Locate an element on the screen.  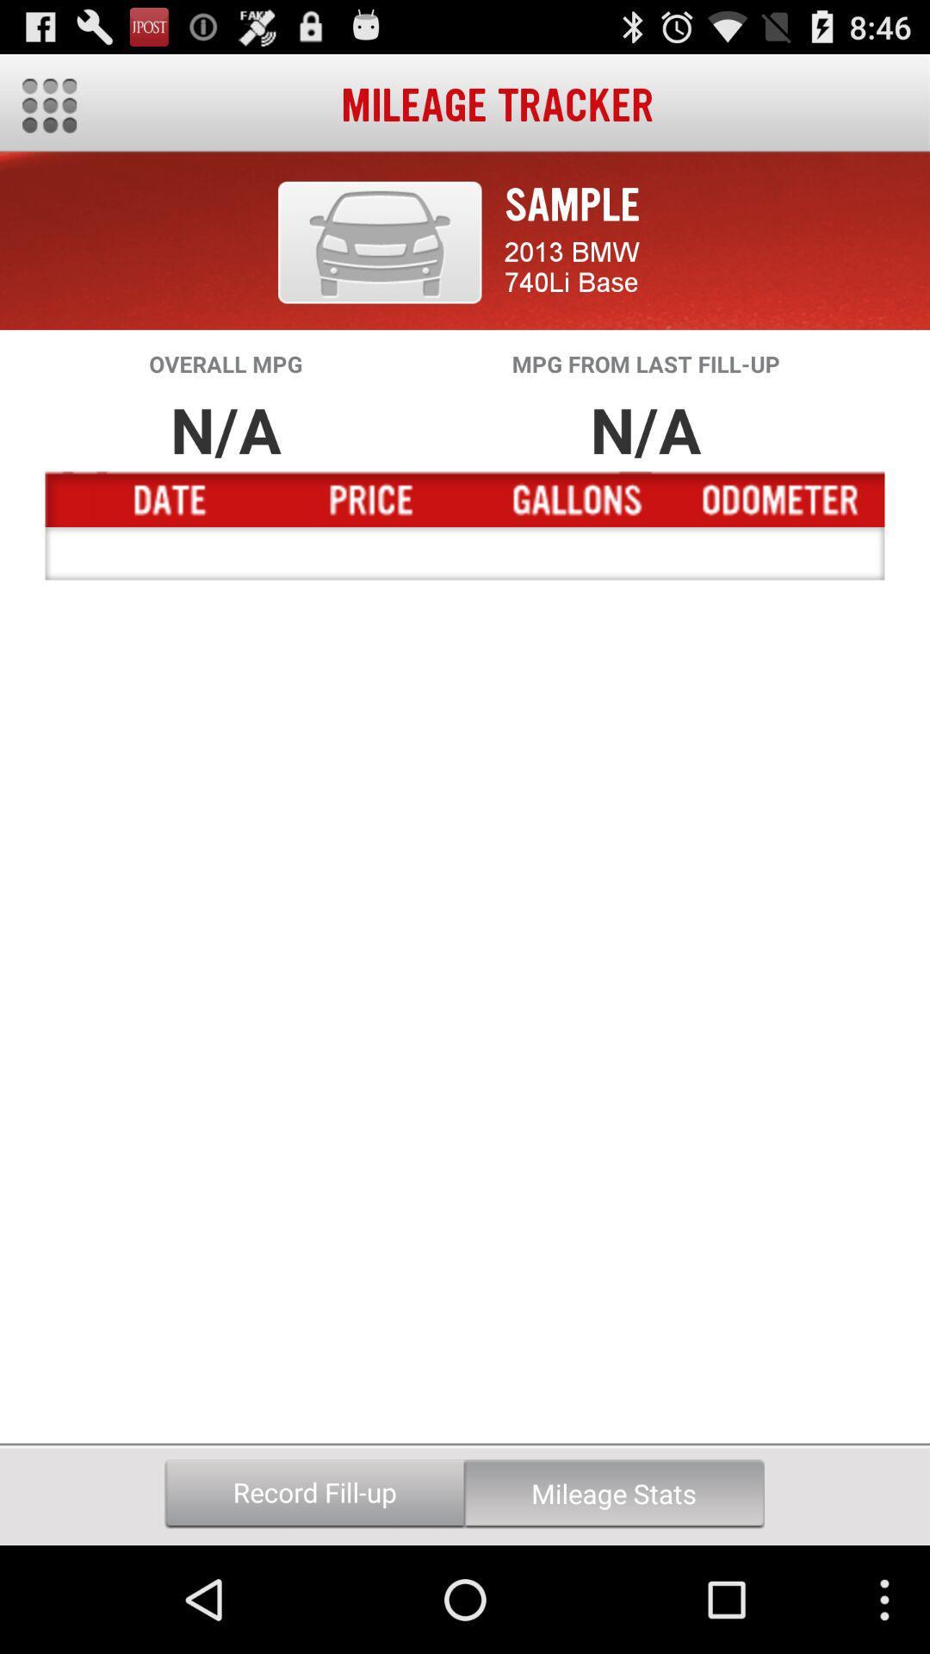
mileage stats button is located at coordinates (613, 1493).